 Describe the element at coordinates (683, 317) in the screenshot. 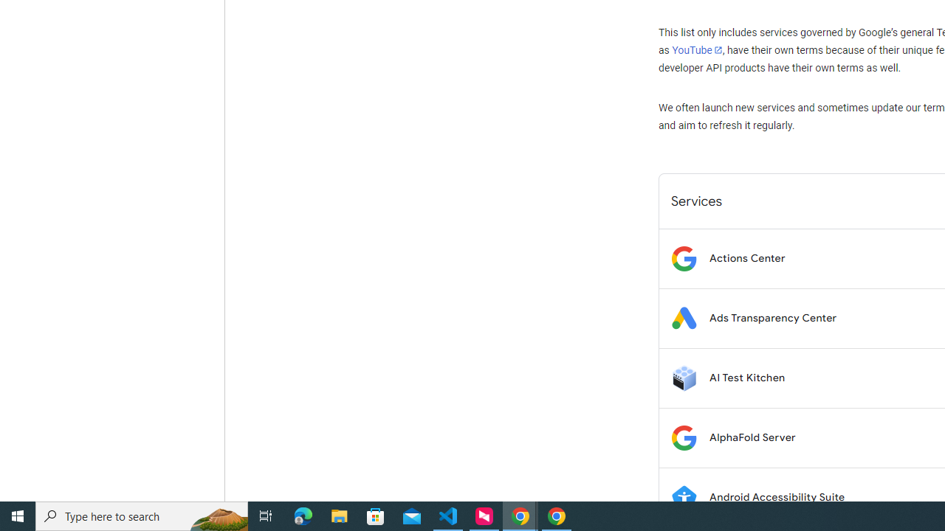

I see `'Logo for Ads Transparency Center'` at that location.